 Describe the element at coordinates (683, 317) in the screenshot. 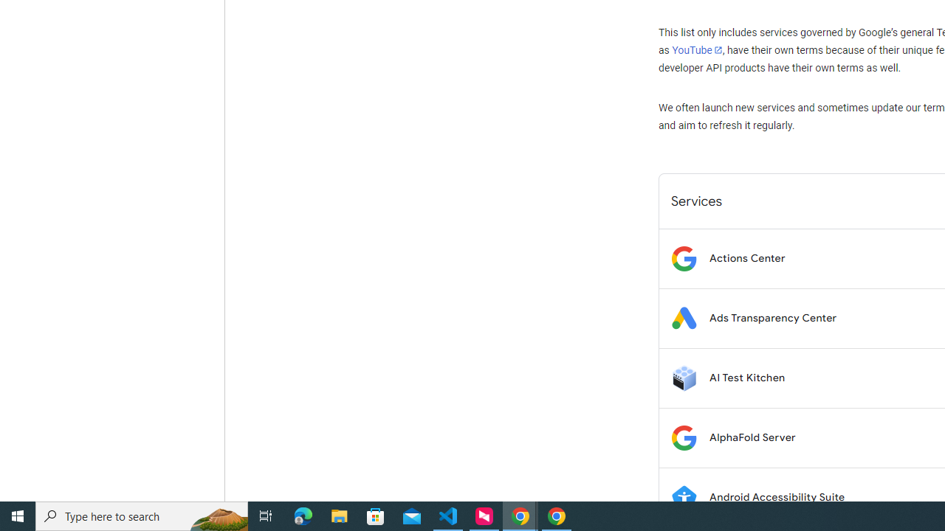

I see `'Logo for Ads Transparency Center'` at that location.